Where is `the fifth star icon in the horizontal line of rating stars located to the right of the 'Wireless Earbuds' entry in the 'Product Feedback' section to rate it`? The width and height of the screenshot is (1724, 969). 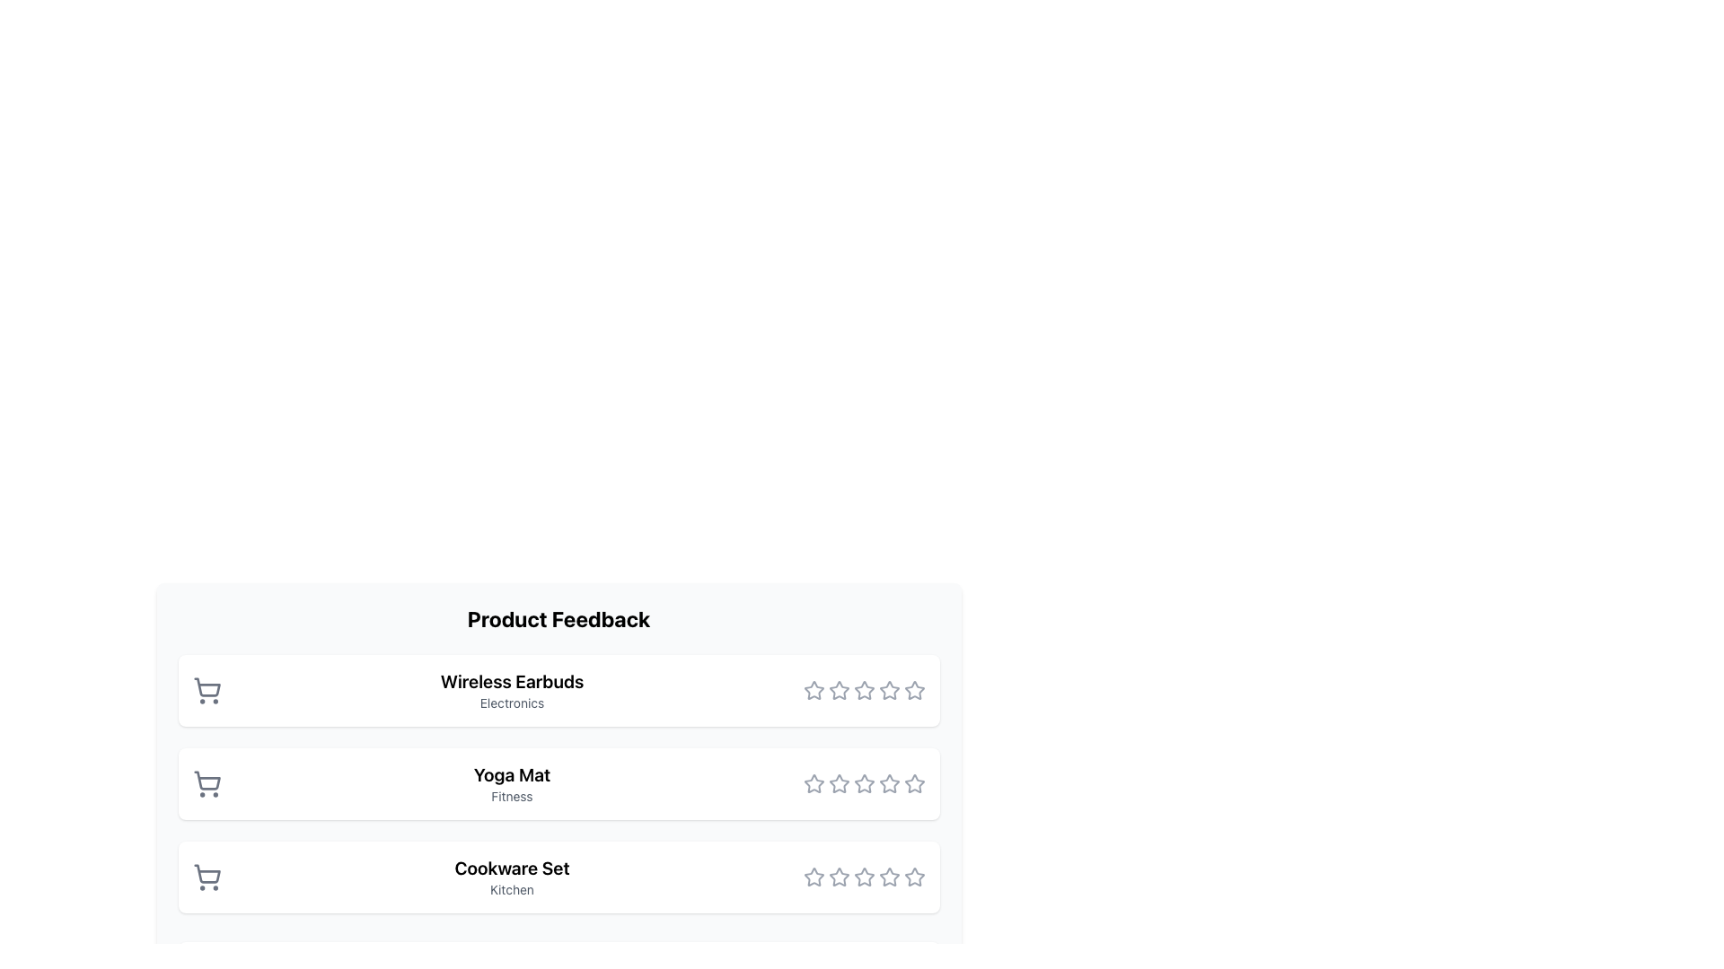 the fifth star icon in the horizontal line of rating stars located to the right of the 'Wireless Earbuds' entry in the 'Product Feedback' section to rate it is located at coordinates (913, 688).